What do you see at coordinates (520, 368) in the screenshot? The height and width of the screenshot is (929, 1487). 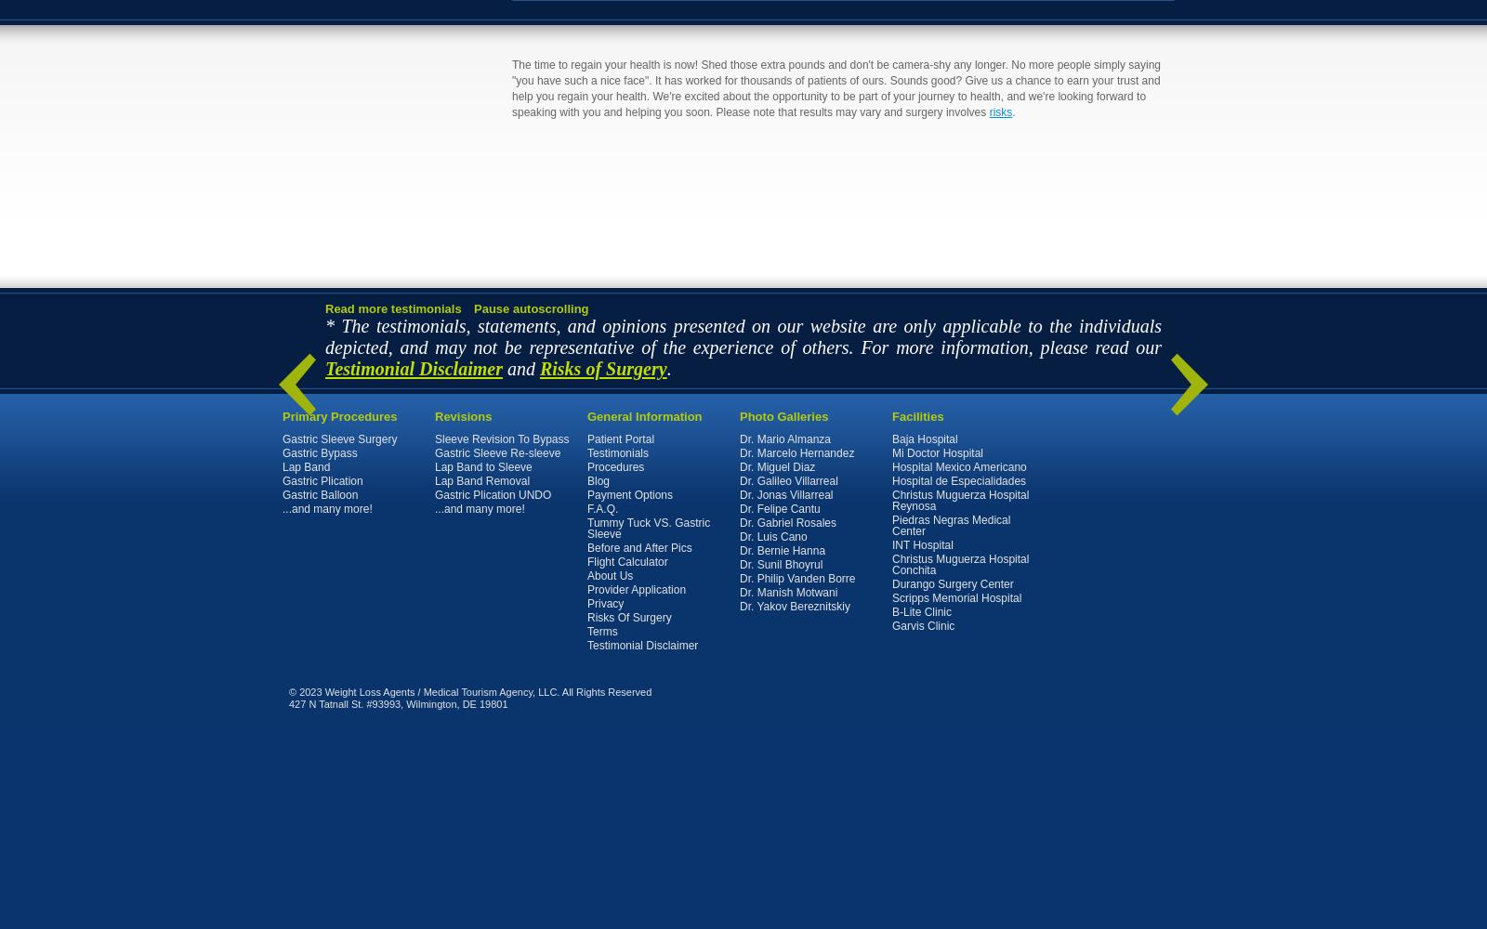 I see `'and'` at bounding box center [520, 368].